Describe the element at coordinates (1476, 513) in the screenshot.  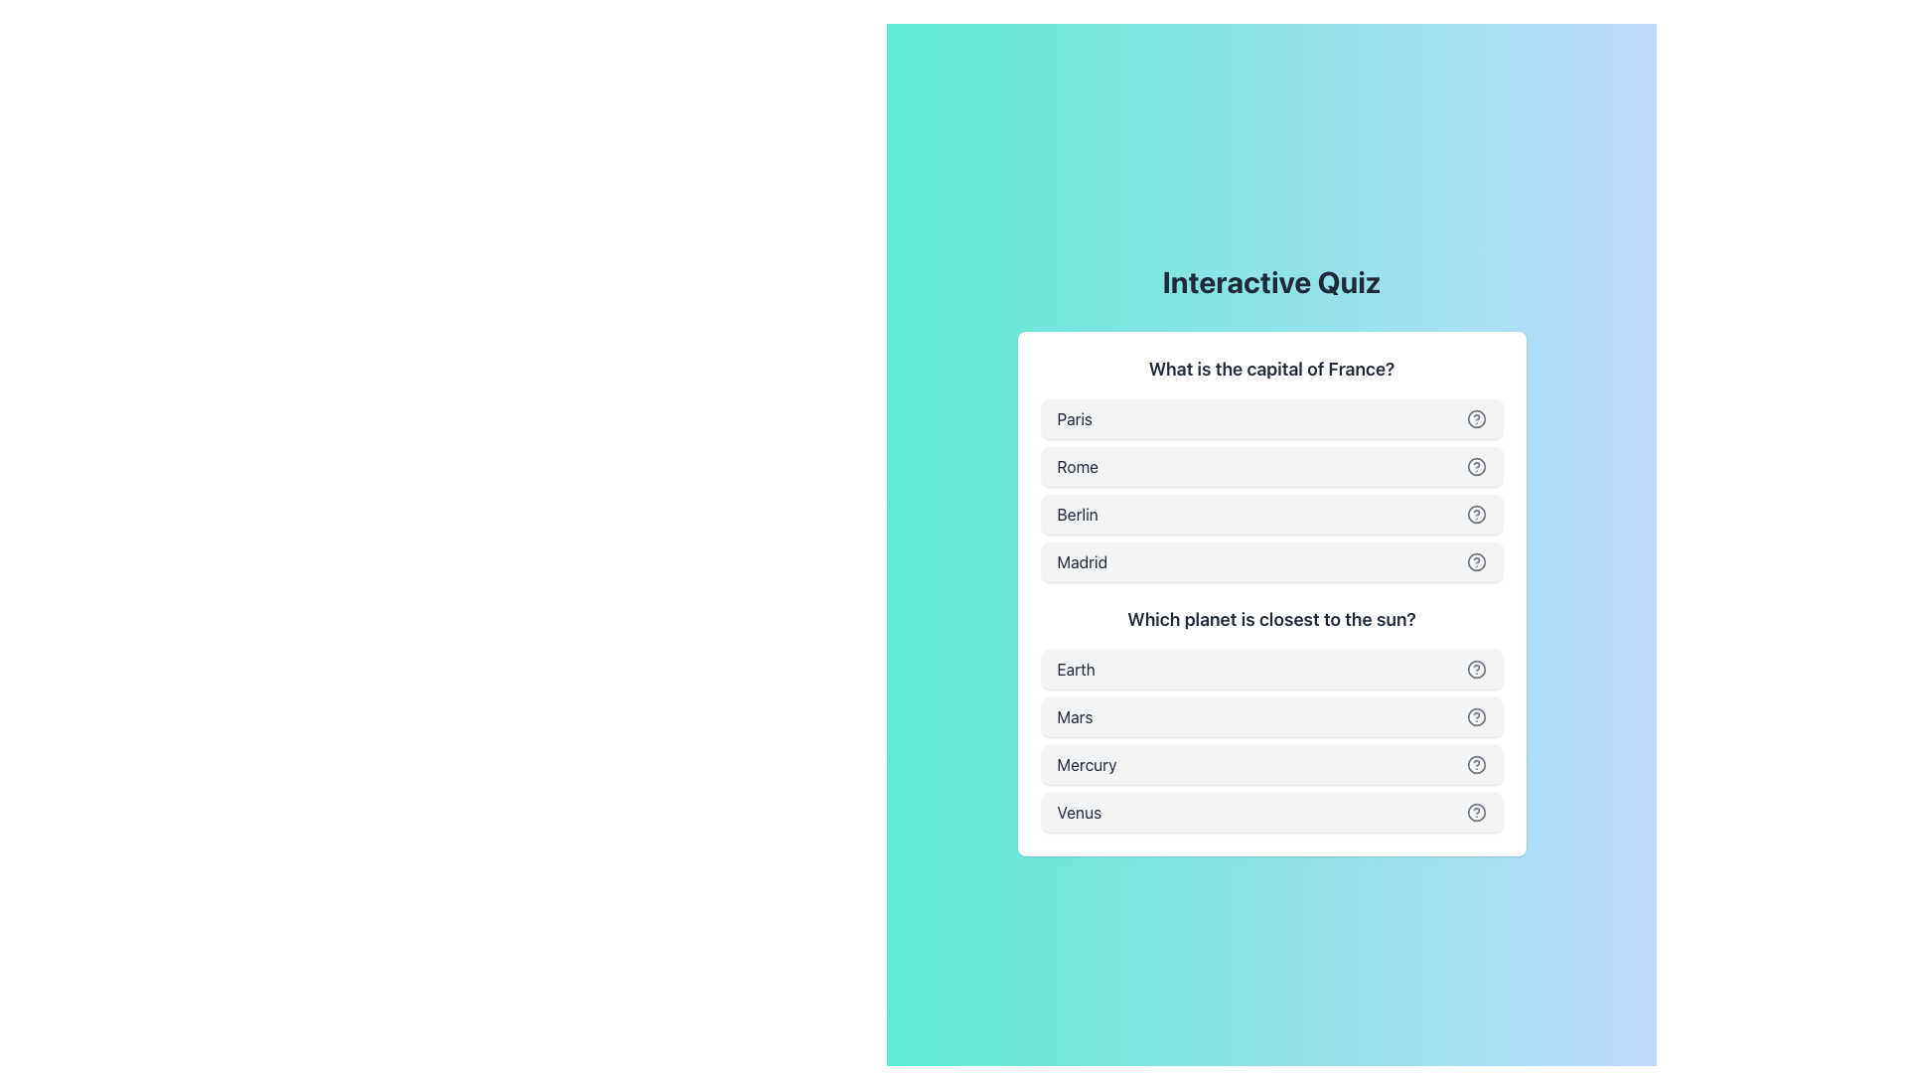
I see `the circular gray question mark icon located on the right side of the 'Berlin' option` at that location.